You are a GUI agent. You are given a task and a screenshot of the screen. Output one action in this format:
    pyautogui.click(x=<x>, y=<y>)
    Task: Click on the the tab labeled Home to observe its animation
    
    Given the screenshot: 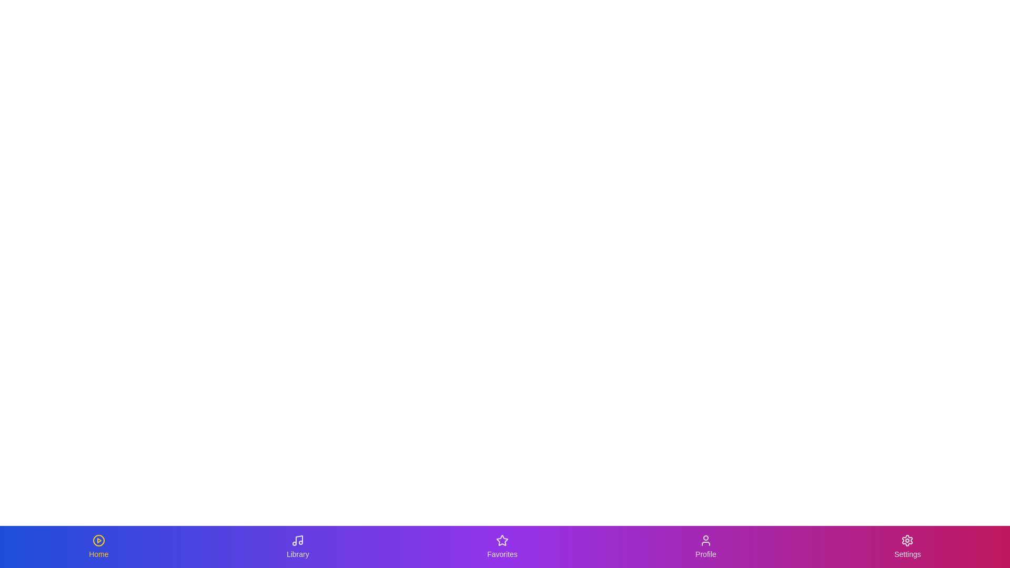 What is the action you would take?
    pyautogui.click(x=98, y=546)
    